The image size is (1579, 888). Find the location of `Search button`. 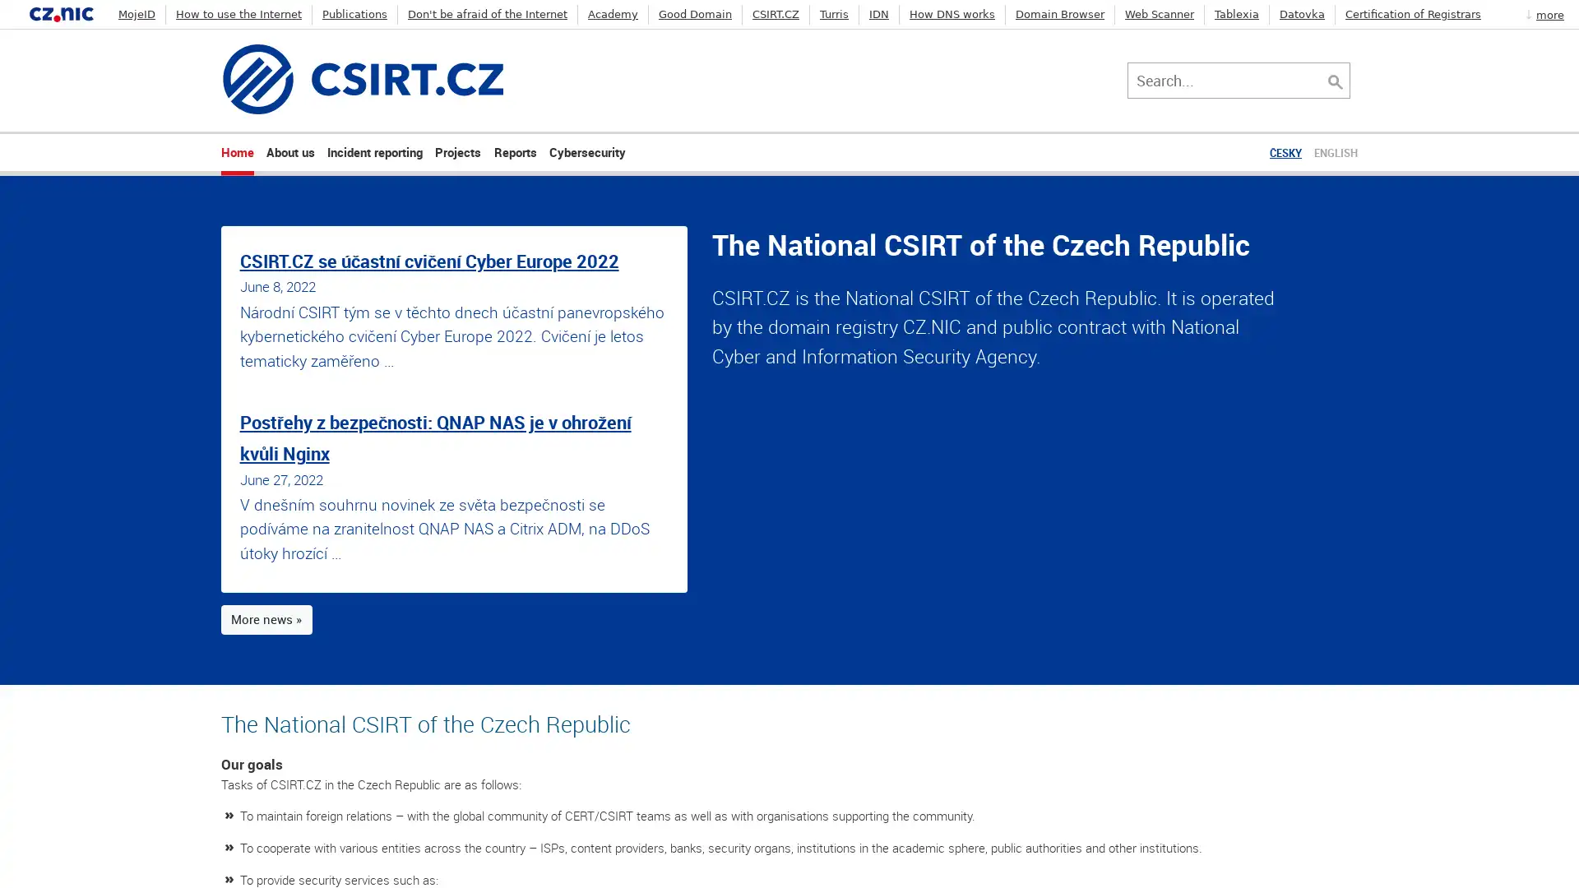

Search button is located at coordinates (1343, 79).